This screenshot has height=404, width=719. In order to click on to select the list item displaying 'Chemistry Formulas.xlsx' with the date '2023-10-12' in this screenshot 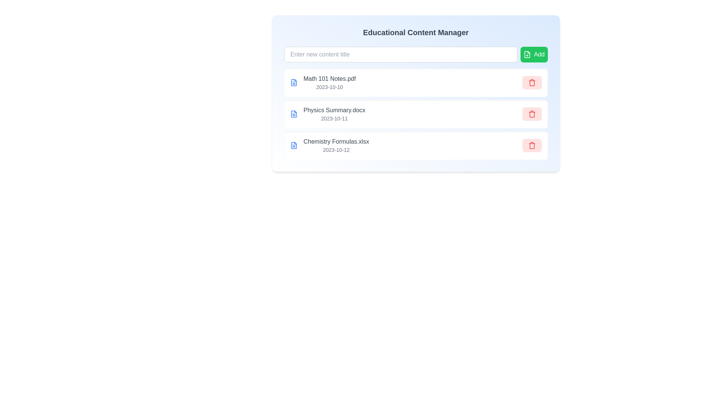, I will do `click(336, 146)`.